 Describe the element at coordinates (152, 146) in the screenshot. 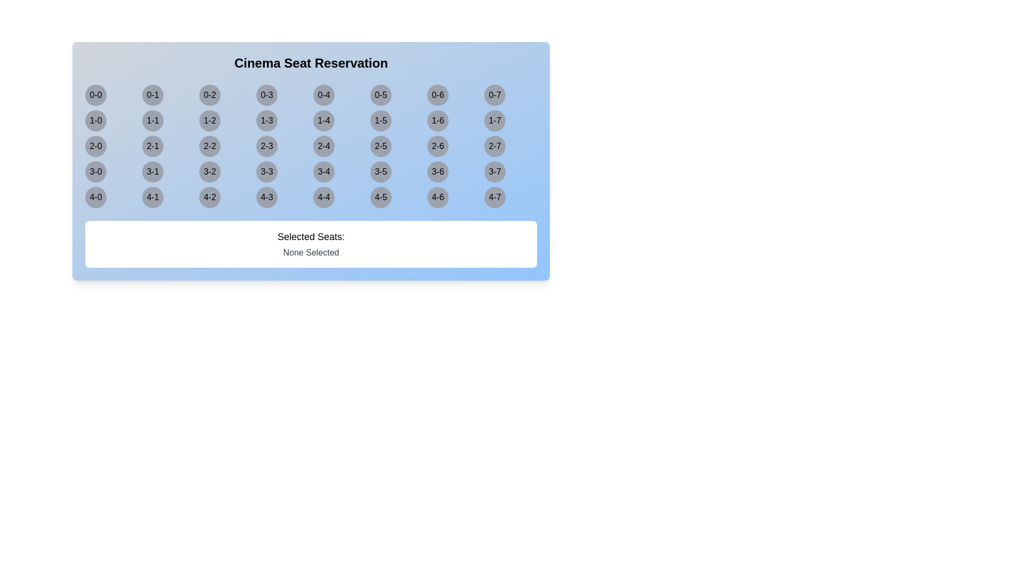

I see `the selectable option button labeled '2-1' in the cinema seating arrangement` at that location.